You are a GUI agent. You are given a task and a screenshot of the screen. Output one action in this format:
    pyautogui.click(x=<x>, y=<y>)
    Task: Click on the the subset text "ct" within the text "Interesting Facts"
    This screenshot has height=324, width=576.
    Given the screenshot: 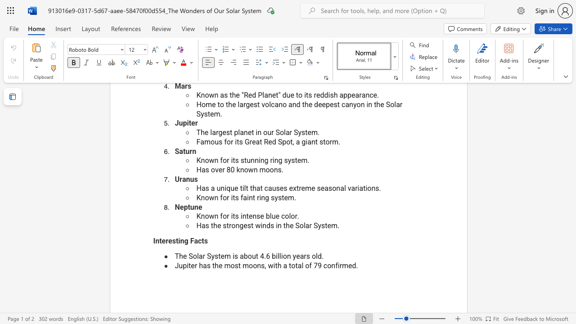 What is the action you would take?
    pyautogui.click(x=198, y=240)
    